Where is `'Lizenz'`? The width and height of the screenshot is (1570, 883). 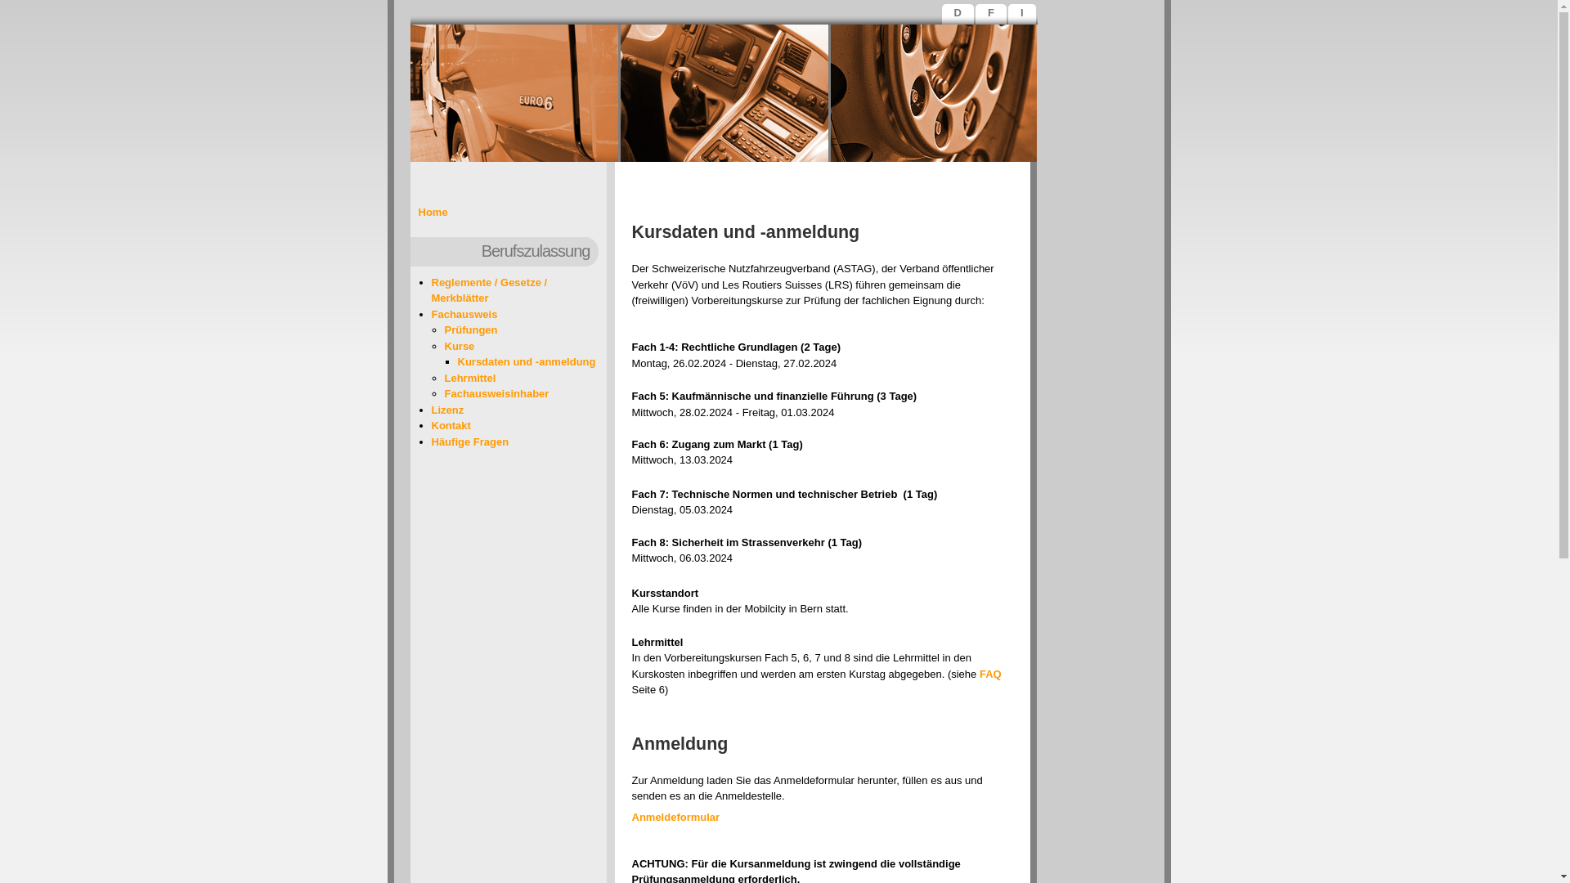
'Lizenz' is located at coordinates (447, 409).